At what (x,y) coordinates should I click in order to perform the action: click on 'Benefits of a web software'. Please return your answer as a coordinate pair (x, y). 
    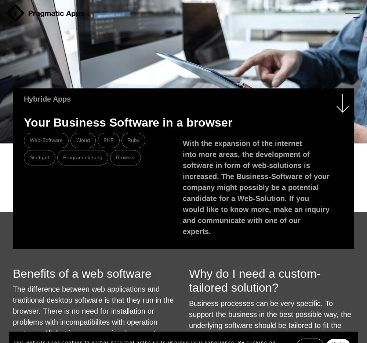
    Looking at the image, I should click on (82, 274).